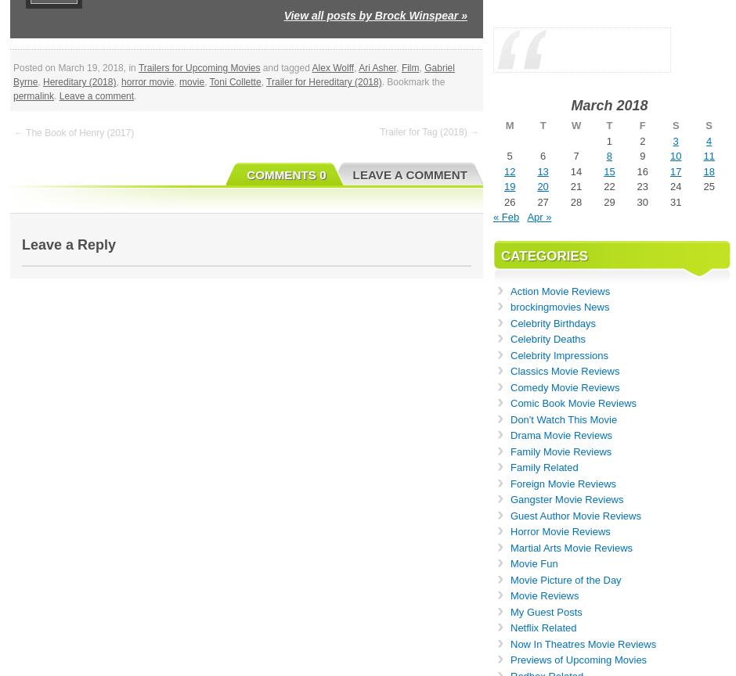  What do you see at coordinates (79, 81) in the screenshot?
I see `'Hereditary (2018)'` at bounding box center [79, 81].